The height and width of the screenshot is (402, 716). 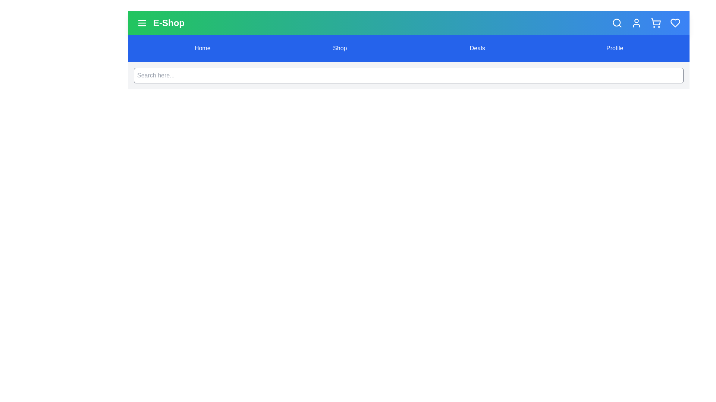 What do you see at coordinates (142, 22) in the screenshot?
I see `menu button to toggle the menu's visibility` at bounding box center [142, 22].